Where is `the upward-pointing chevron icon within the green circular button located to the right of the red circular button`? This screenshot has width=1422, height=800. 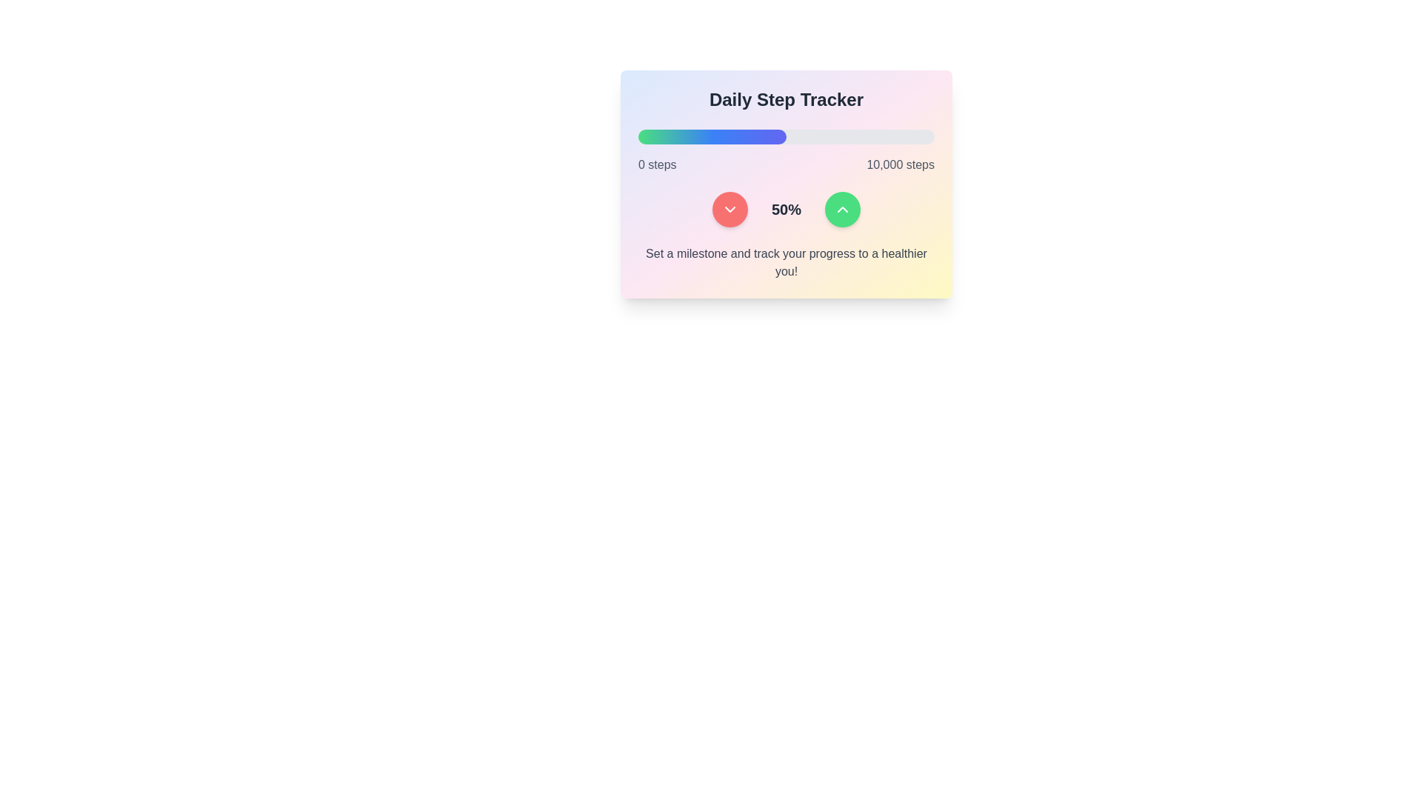 the upward-pointing chevron icon within the green circular button located to the right of the red circular button is located at coordinates (842, 209).